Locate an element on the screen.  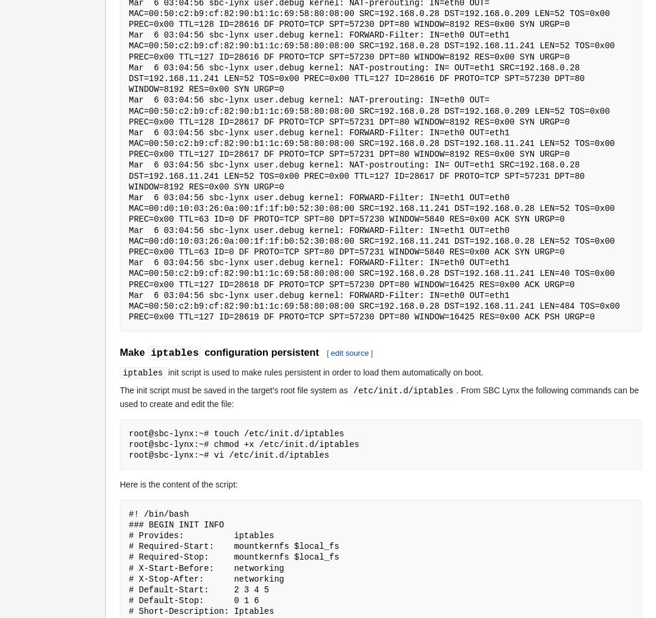
'The init script must be saved in the target's root file system as' is located at coordinates (235, 390).